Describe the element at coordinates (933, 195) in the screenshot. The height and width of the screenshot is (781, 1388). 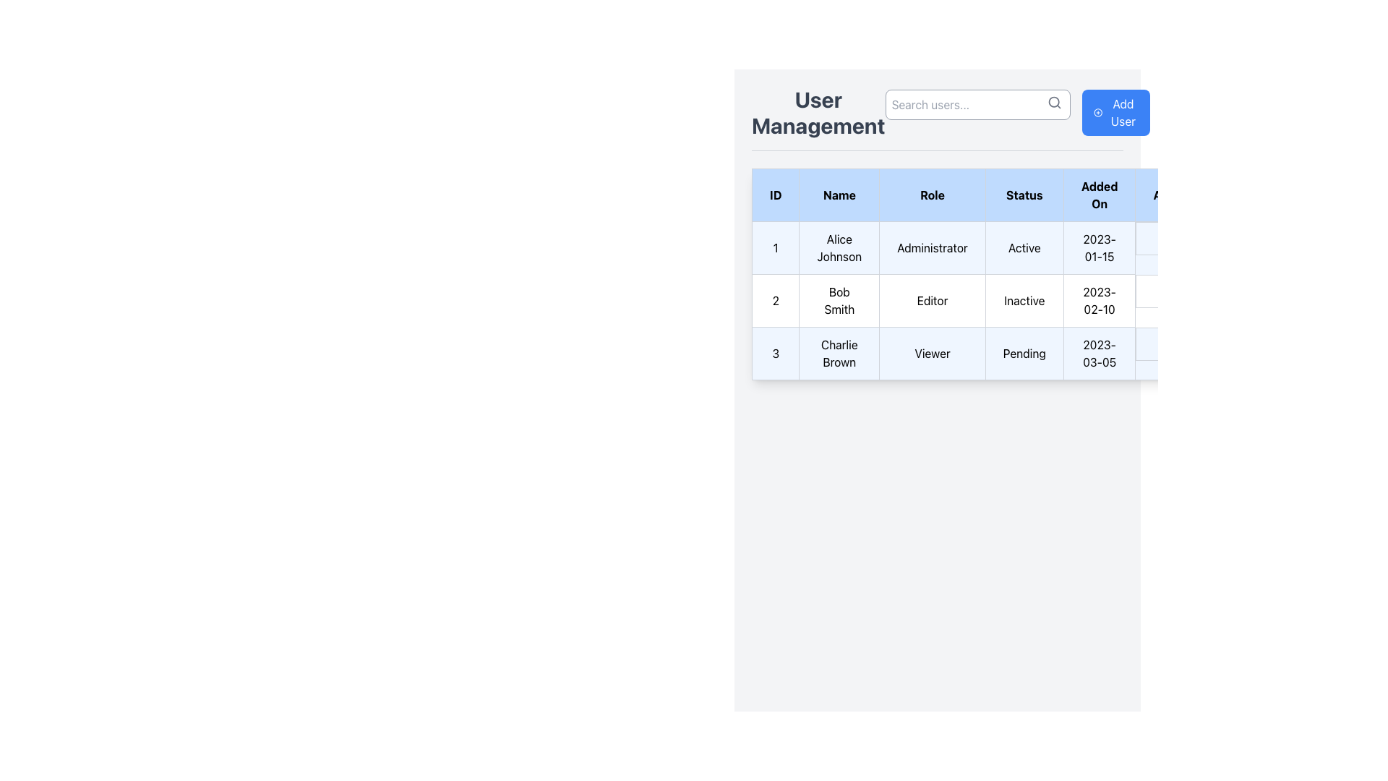
I see `the Table Header Cell with the text 'Role', which is the third cell from the left in the header row of the table, located between 'Name' and 'Status'` at that location.